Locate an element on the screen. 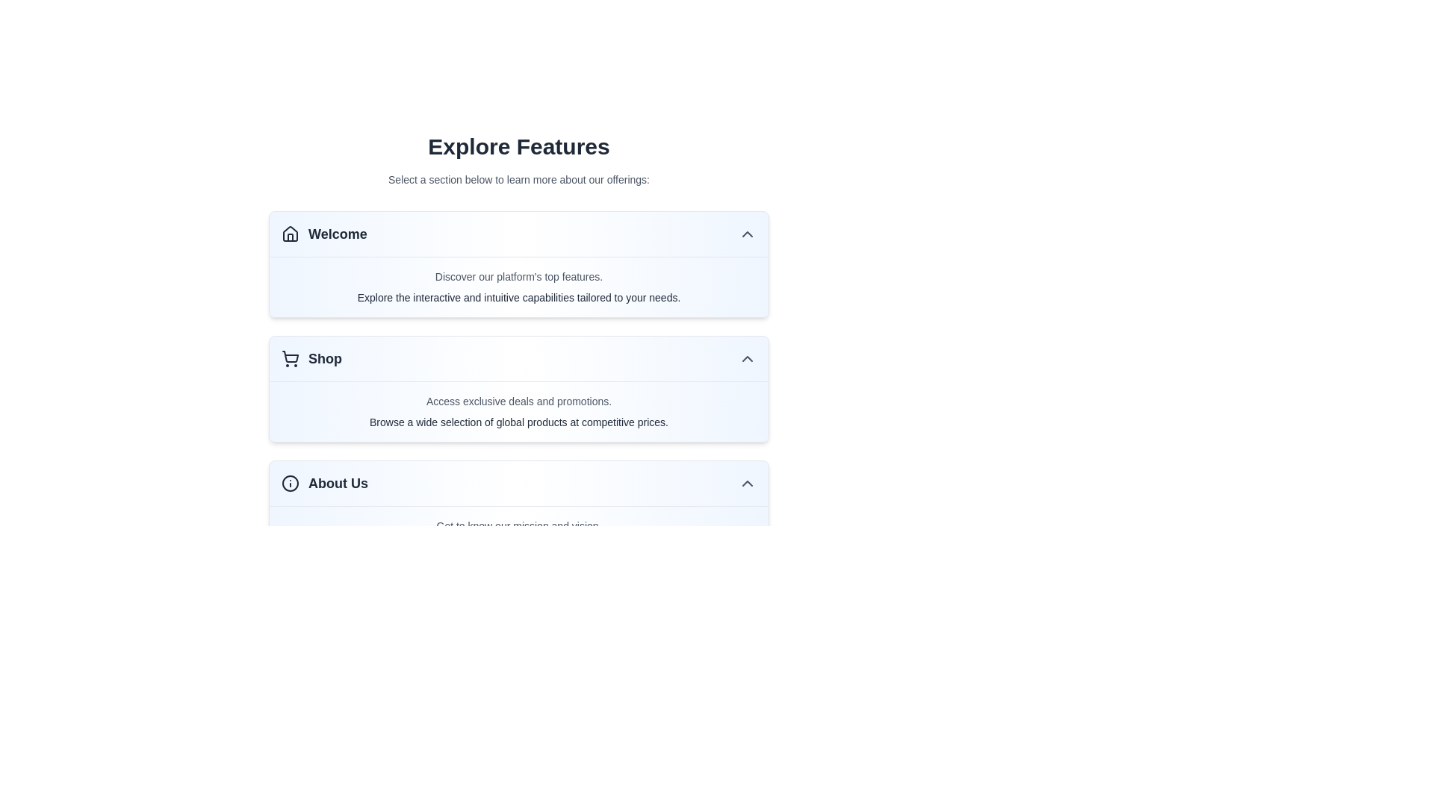 The height and width of the screenshot is (806, 1434). the decorative 'Welcome' icon located at the leftmost side of the 'Welcome' section, which visually enhances the user interface's aesthetics is located at coordinates (290, 234).